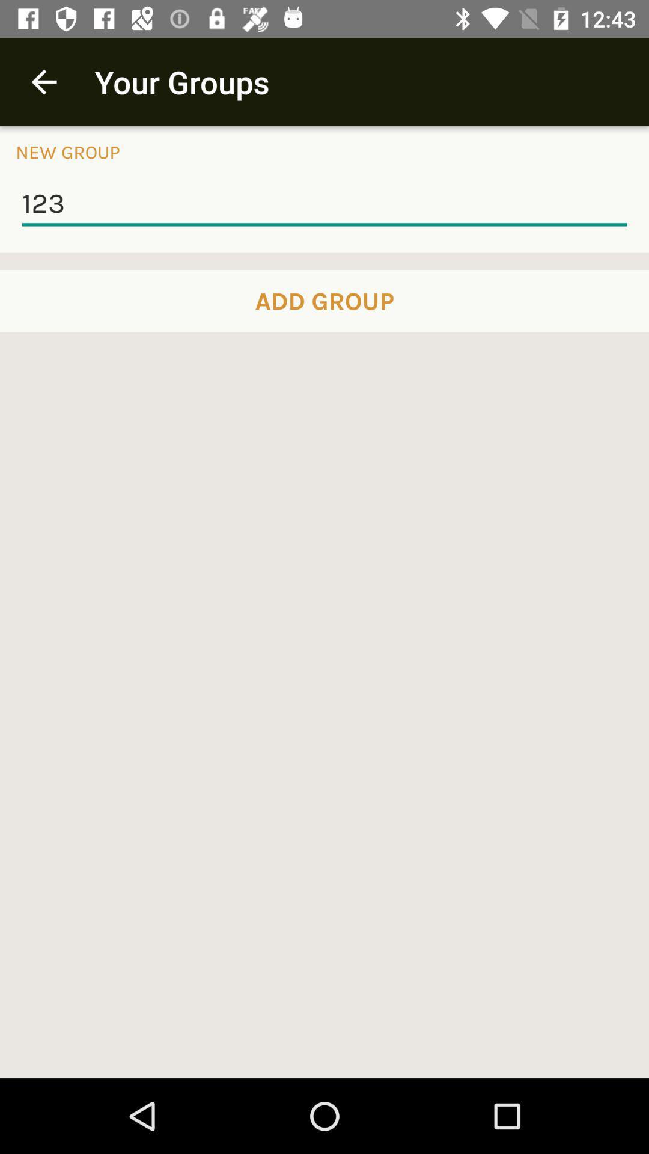 Image resolution: width=649 pixels, height=1154 pixels. Describe the element at coordinates (324, 204) in the screenshot. I see `icon below new group` at that location.